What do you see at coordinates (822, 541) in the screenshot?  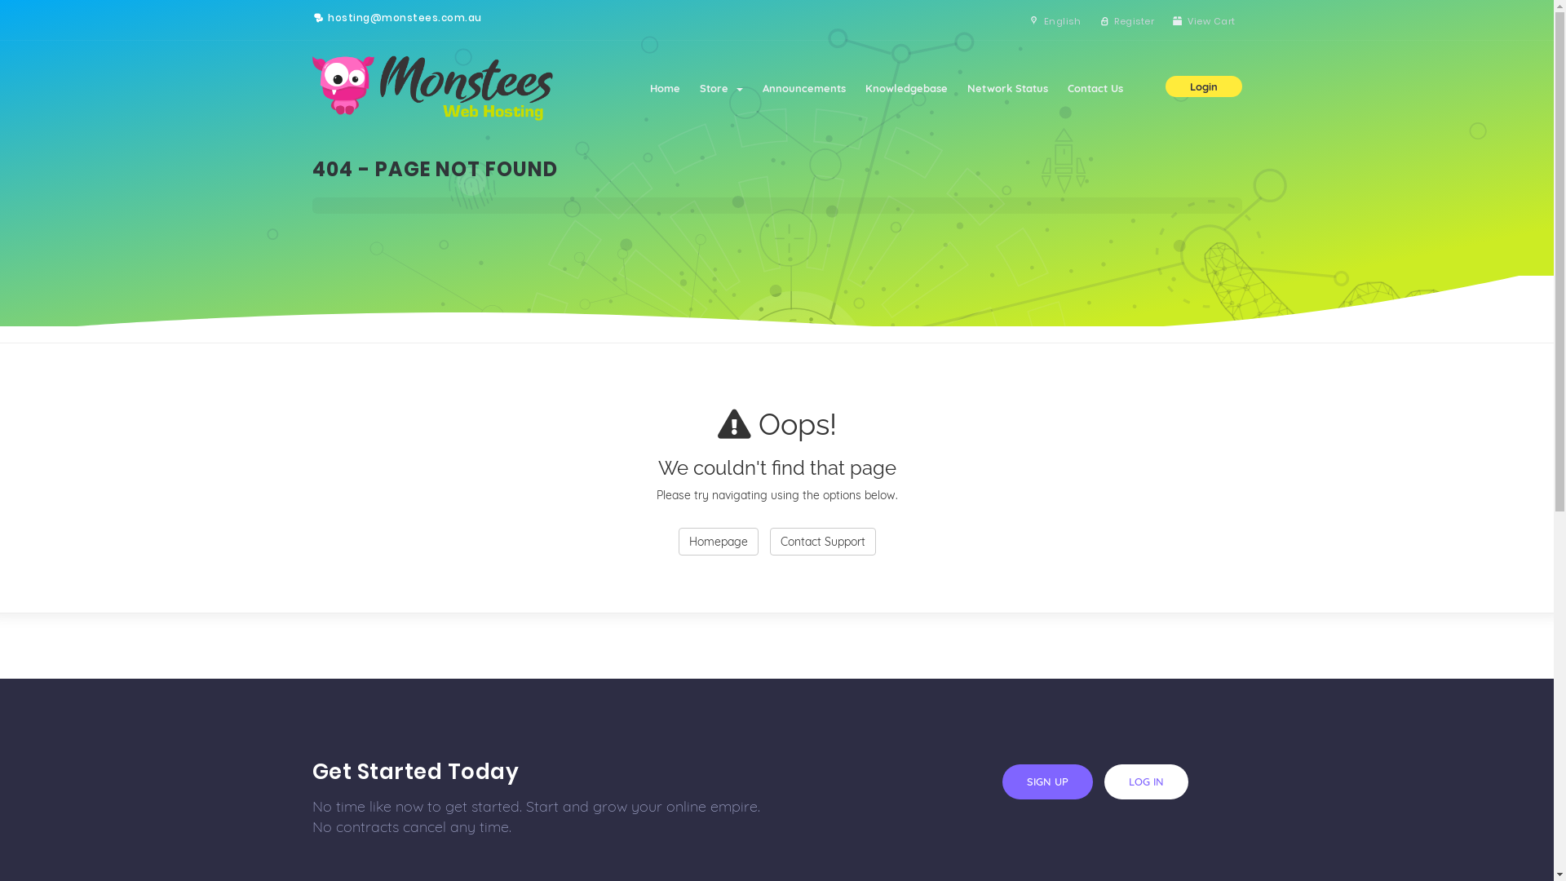 I see `'Contact Support'` at bounding box center [822, 541].